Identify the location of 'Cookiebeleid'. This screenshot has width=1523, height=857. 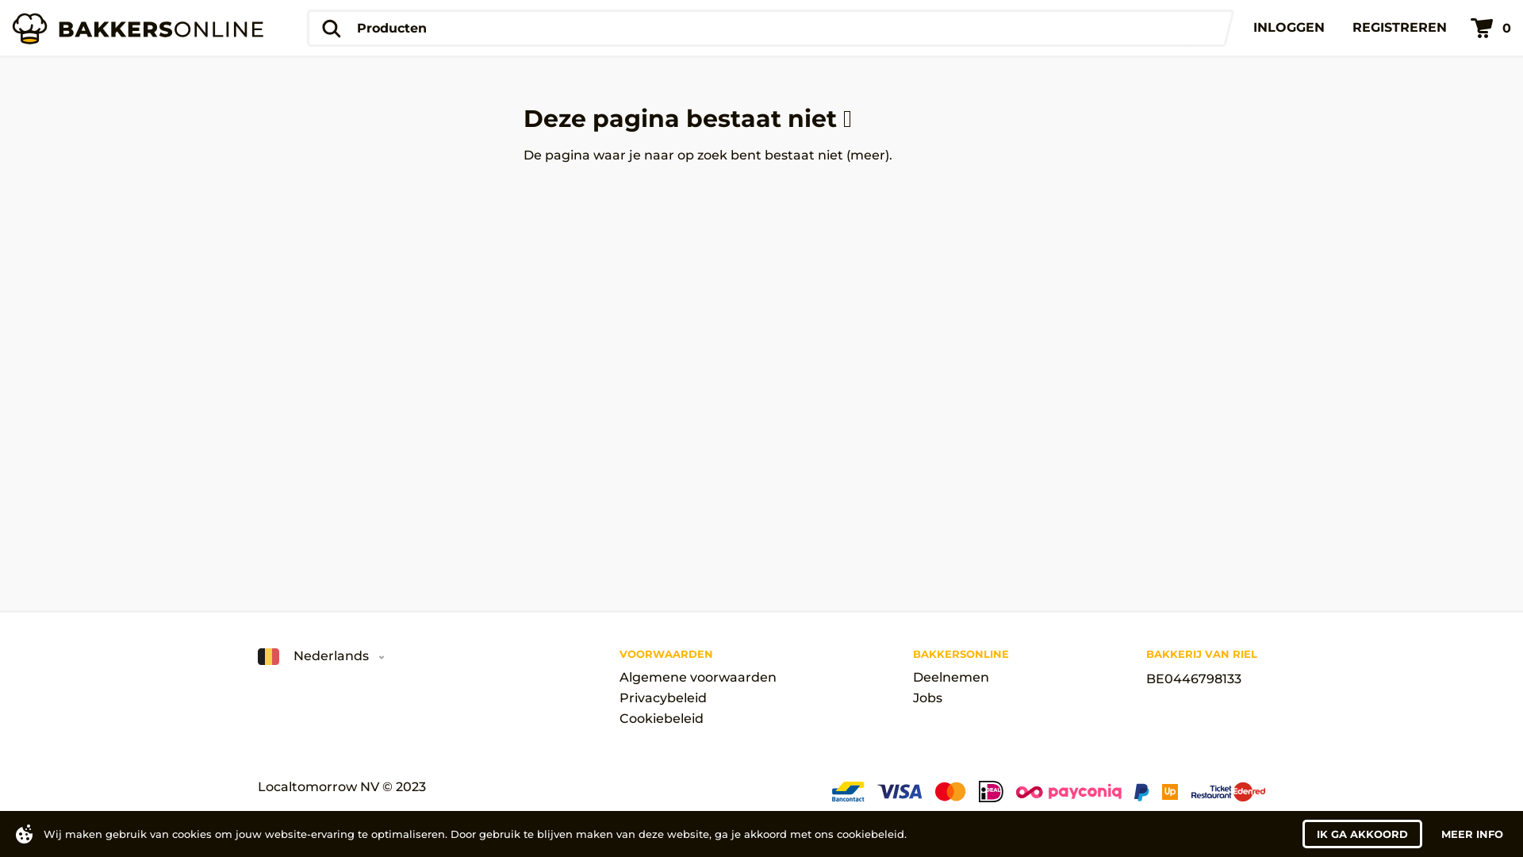
(696, 719).